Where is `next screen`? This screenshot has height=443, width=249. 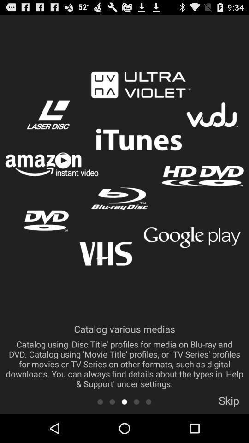
next screen is located at coordinates (136, 401).